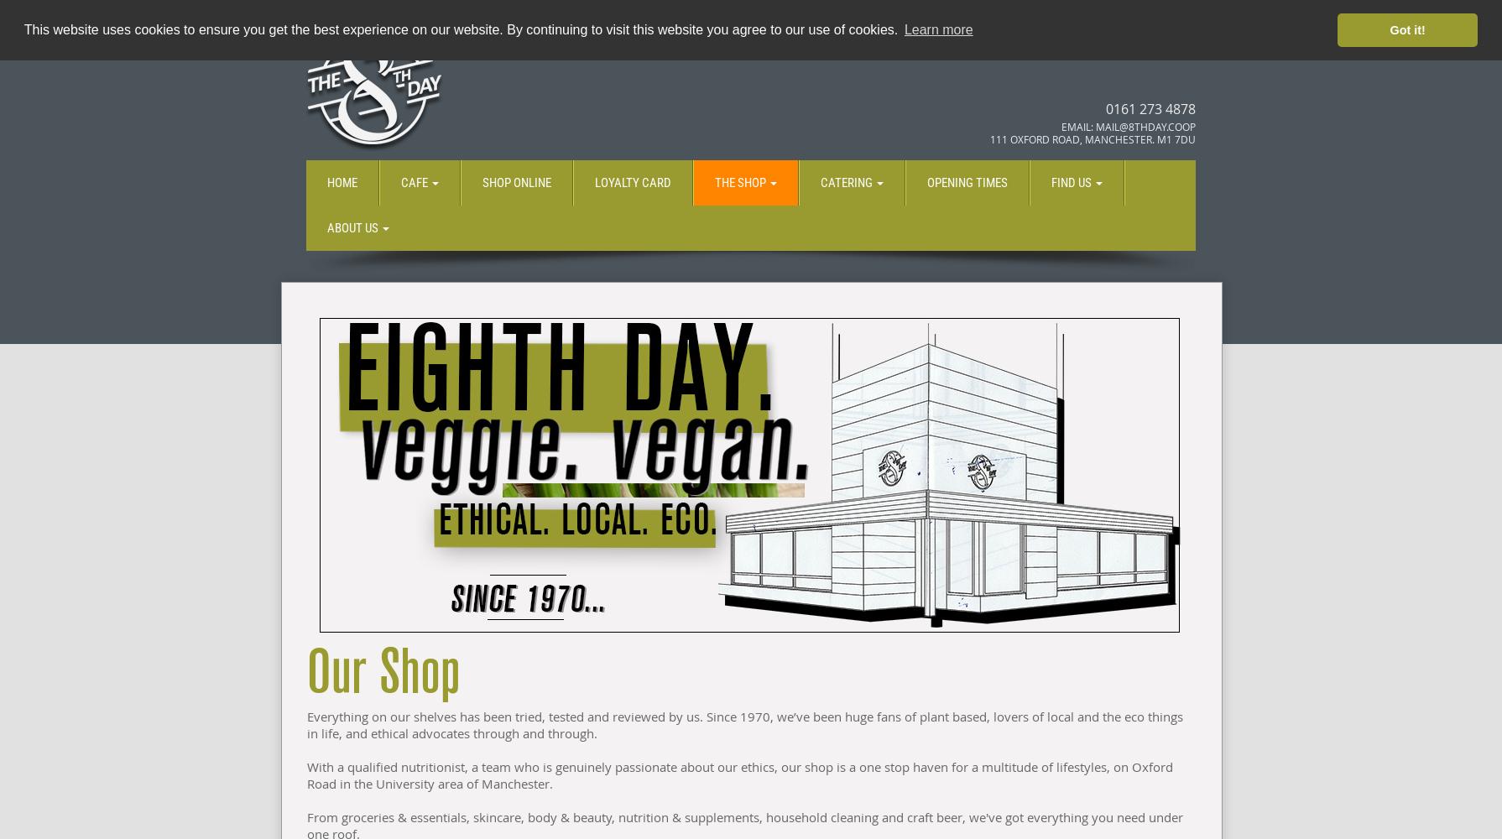  What do you see at coordinates (342, 182) in the screenshot?
I see `'Home'` at bounding box center [342, 182].